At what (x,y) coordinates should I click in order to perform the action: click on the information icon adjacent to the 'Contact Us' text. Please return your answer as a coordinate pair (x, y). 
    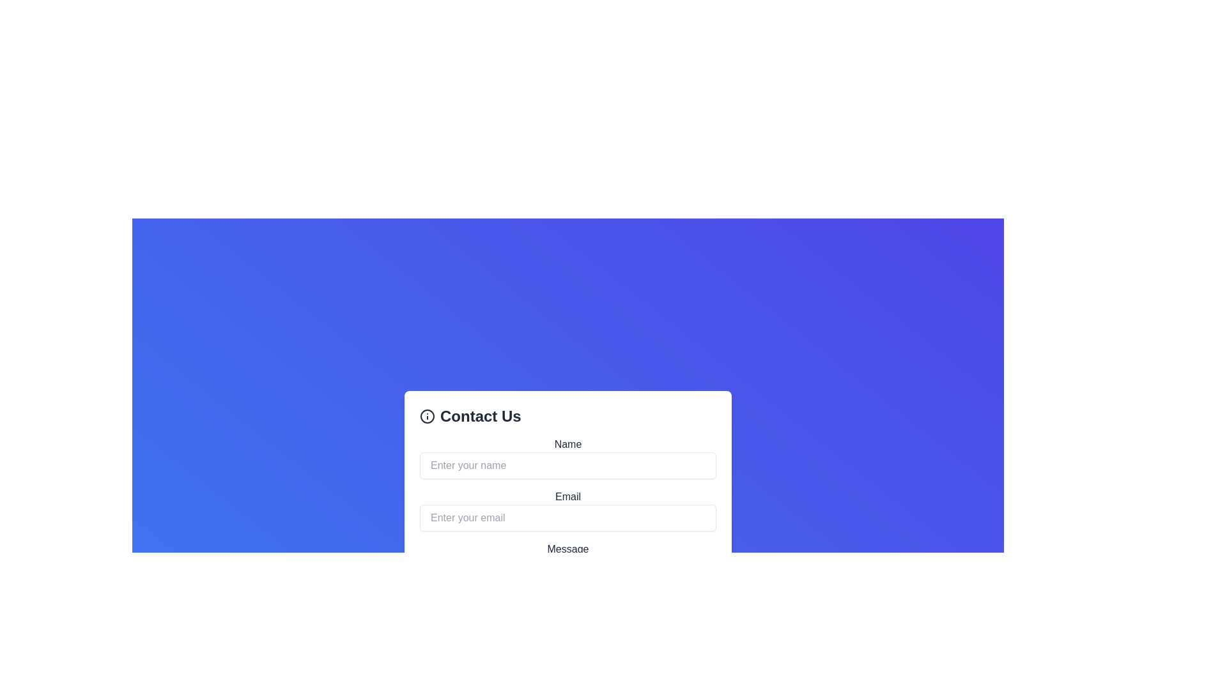
    Looking at the image, I should click on (427, 416).